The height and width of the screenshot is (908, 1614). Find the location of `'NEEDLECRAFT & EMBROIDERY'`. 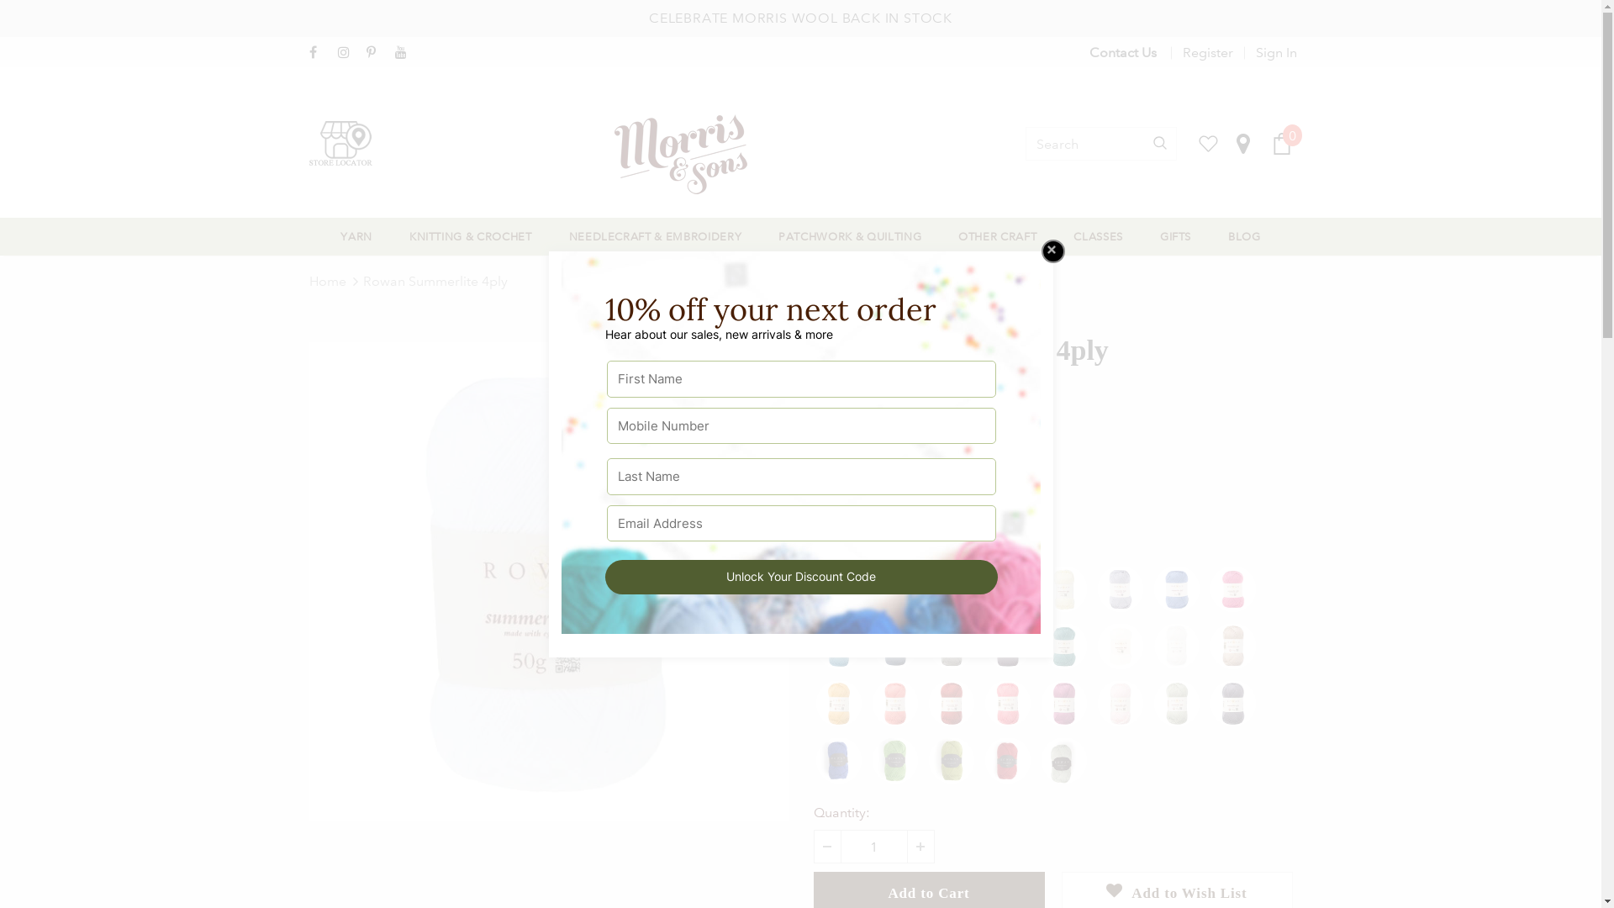

'NEEDLECRAFT & EMBROIDERY' is located at coordinates (654, 236).